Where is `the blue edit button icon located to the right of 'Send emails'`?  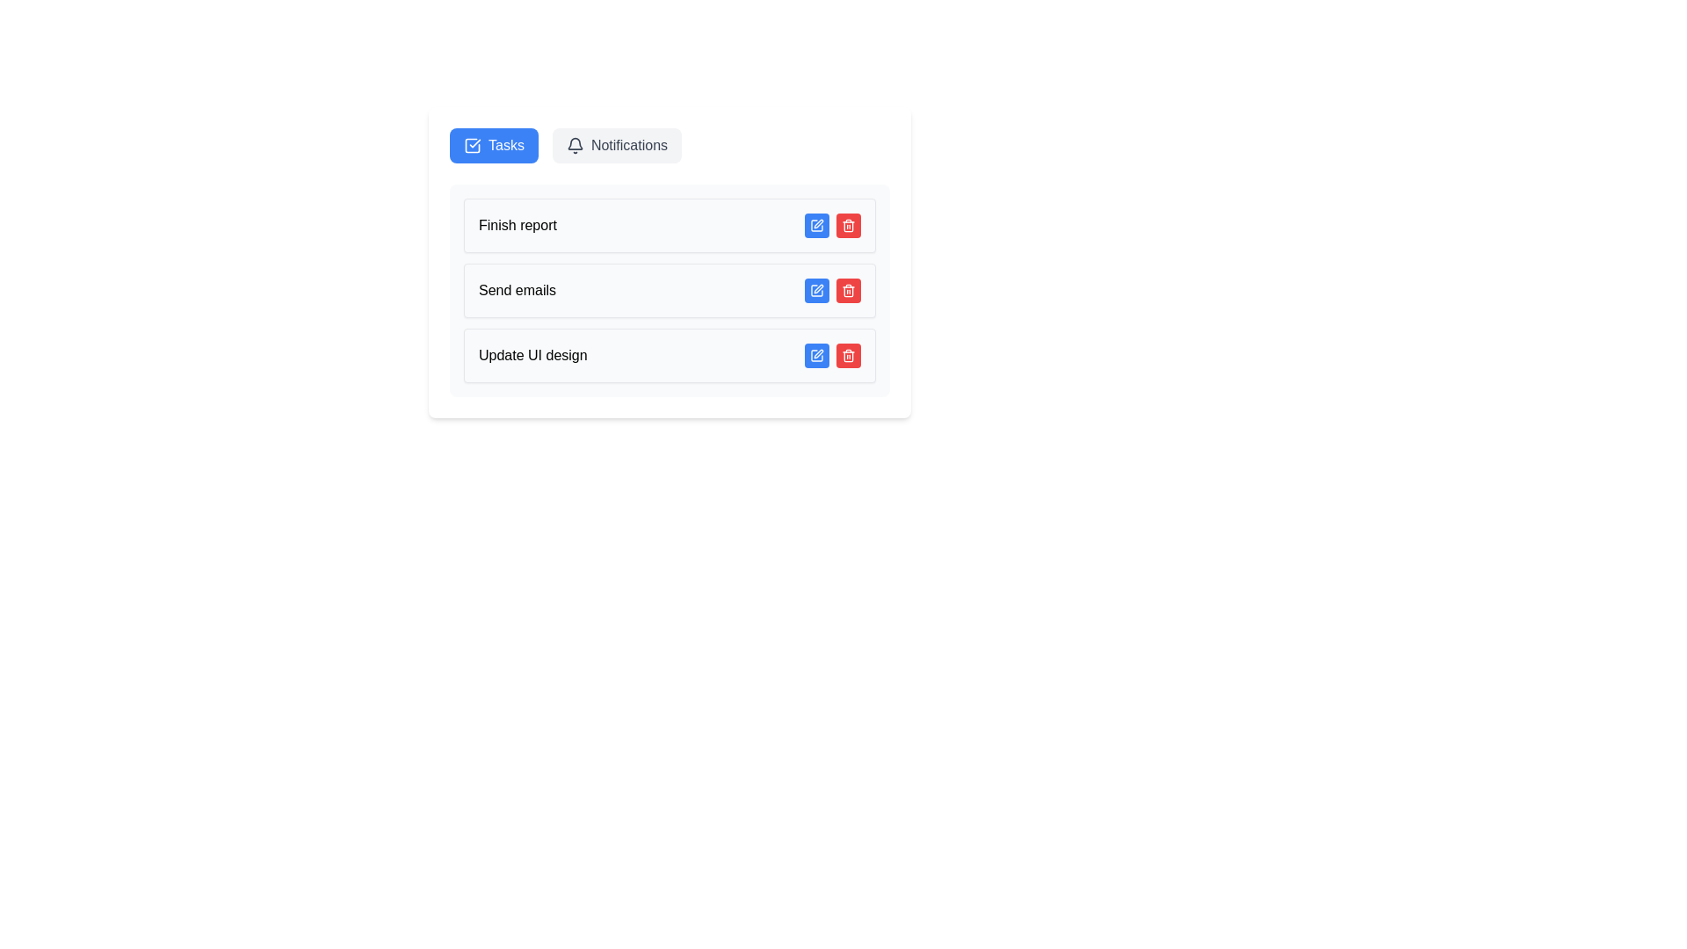 the blue edit button icon located to the right of 'Send emails' is located at coordinates (816, 290).